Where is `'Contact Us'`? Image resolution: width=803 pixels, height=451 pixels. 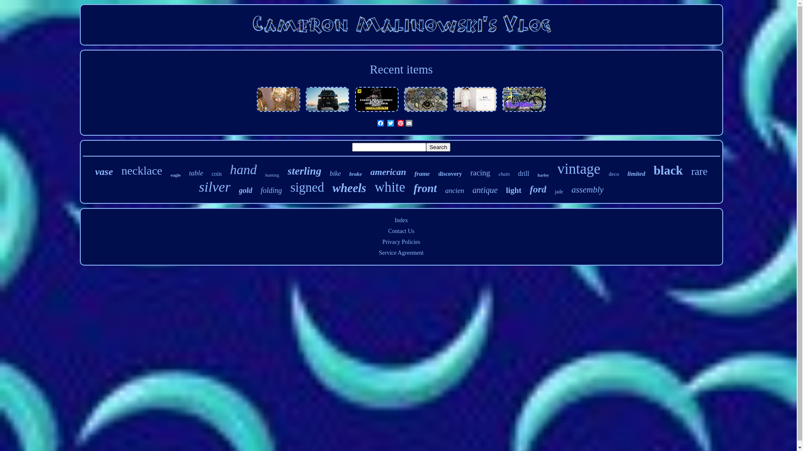
'Contact Us' is located at coordinates (401, 231).